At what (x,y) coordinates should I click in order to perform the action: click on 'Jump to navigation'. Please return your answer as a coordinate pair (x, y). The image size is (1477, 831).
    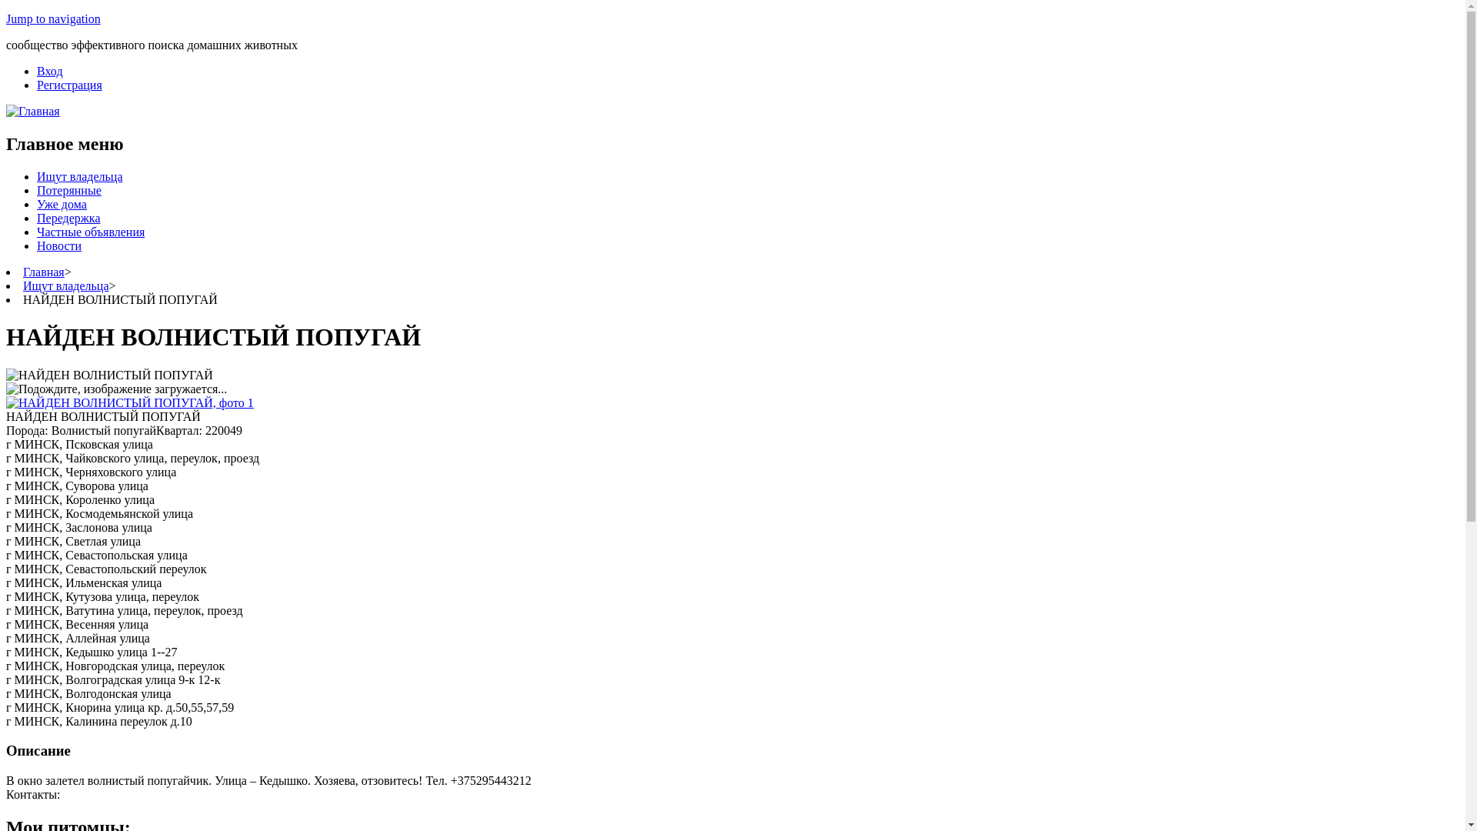
    Looking at the image, I should click on (53, 18).